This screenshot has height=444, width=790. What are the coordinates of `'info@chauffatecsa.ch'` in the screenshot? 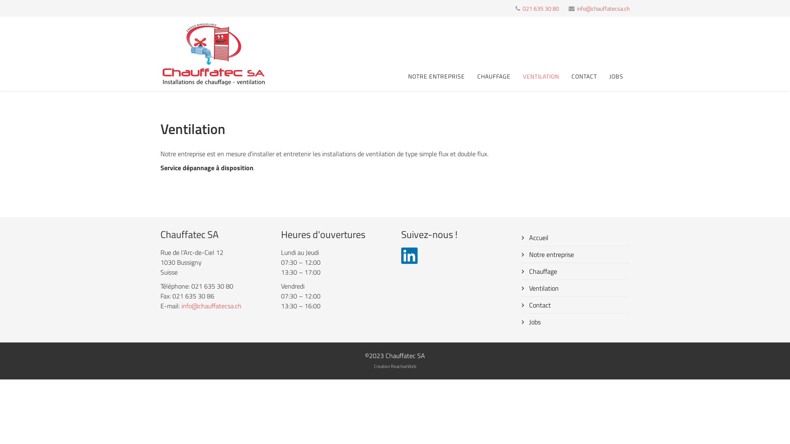 It's located at (181, 306).